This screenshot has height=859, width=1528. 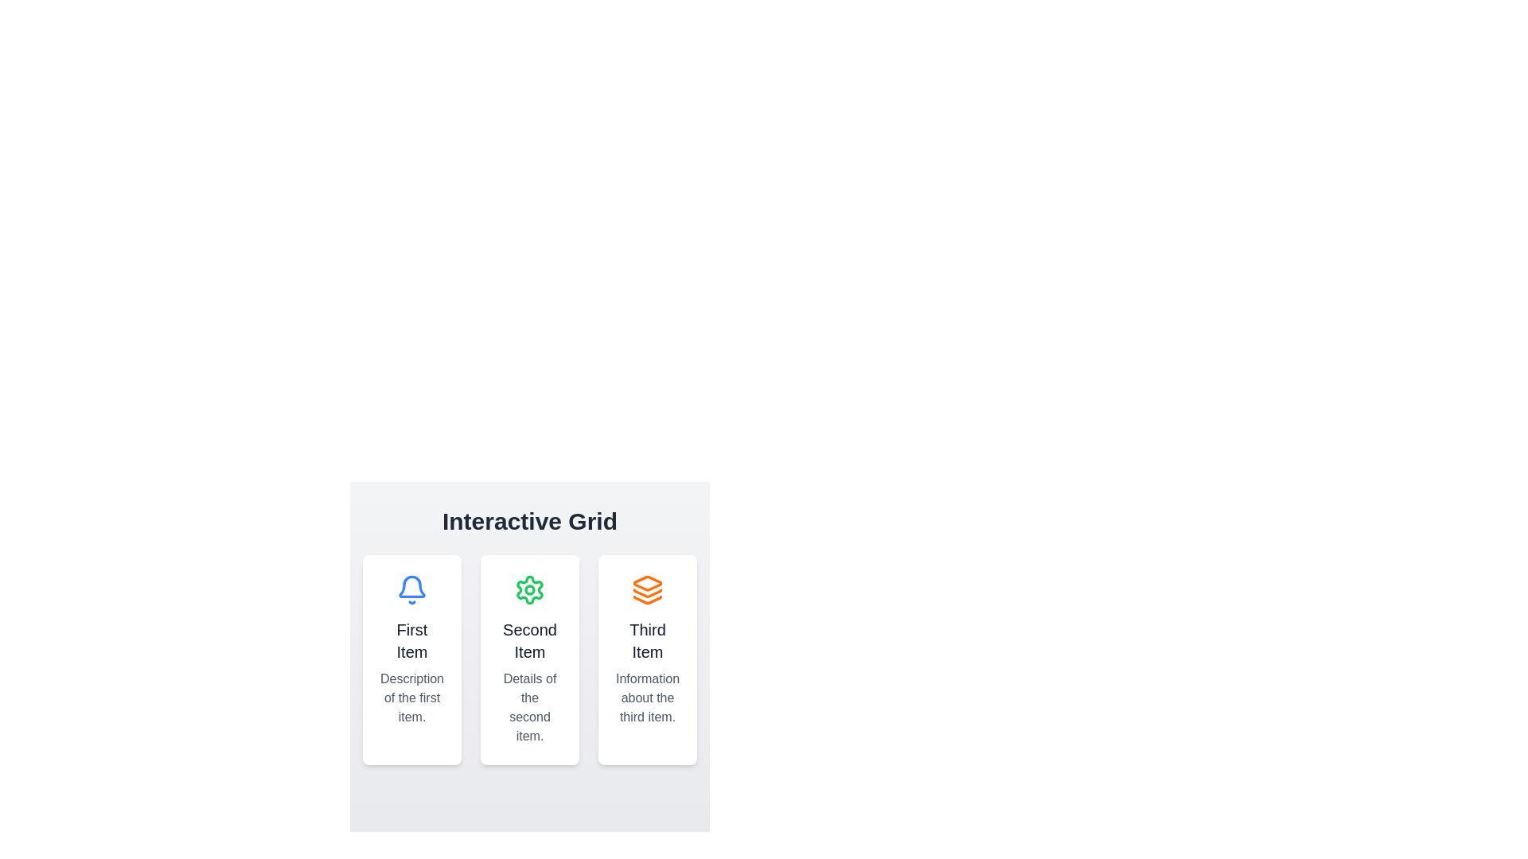 What do you see at coordinates (530, 589) in the screenshot?
I see `the green cogwheel icon located at the center-top of the card labeled 'Second Item'` at bounding box center [530, 589].